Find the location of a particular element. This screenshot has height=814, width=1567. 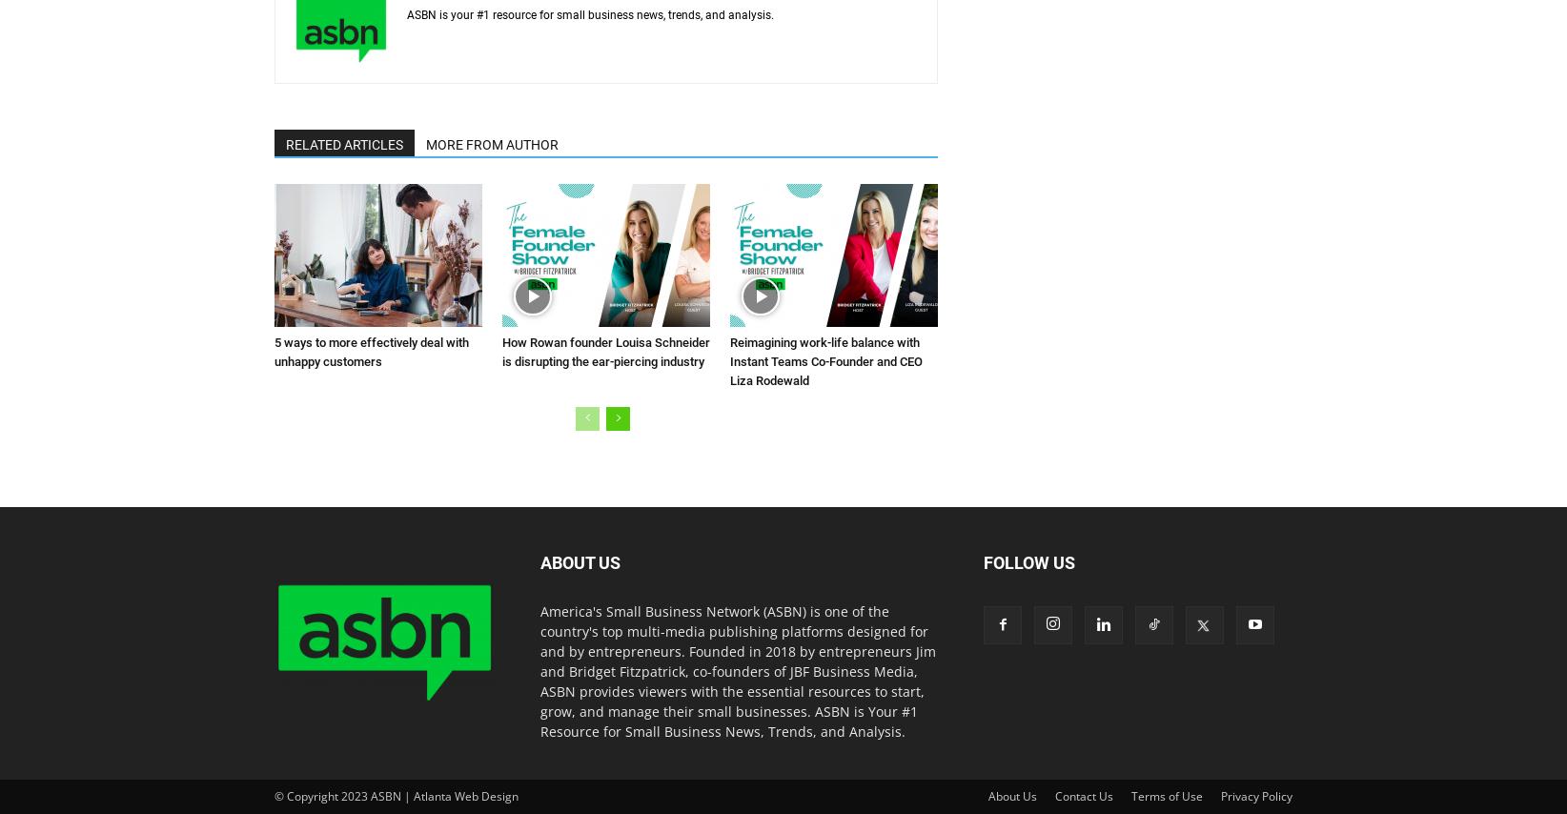

'How Rowan founder Louisa Schneider is disrupting the ear-piercing industry' is located at coordinates (606, 351).